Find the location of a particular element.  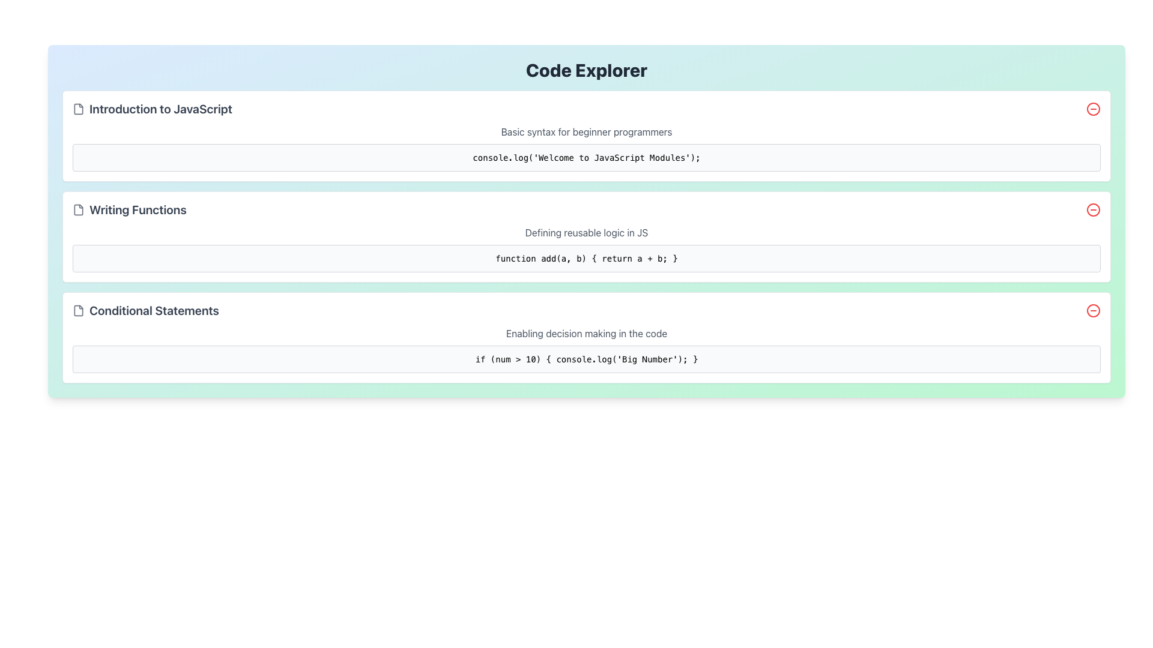

the small light gray file icon positioned to the left of the text 'Writing Functions' as a visual indicator is located at coordinates (77, 209).